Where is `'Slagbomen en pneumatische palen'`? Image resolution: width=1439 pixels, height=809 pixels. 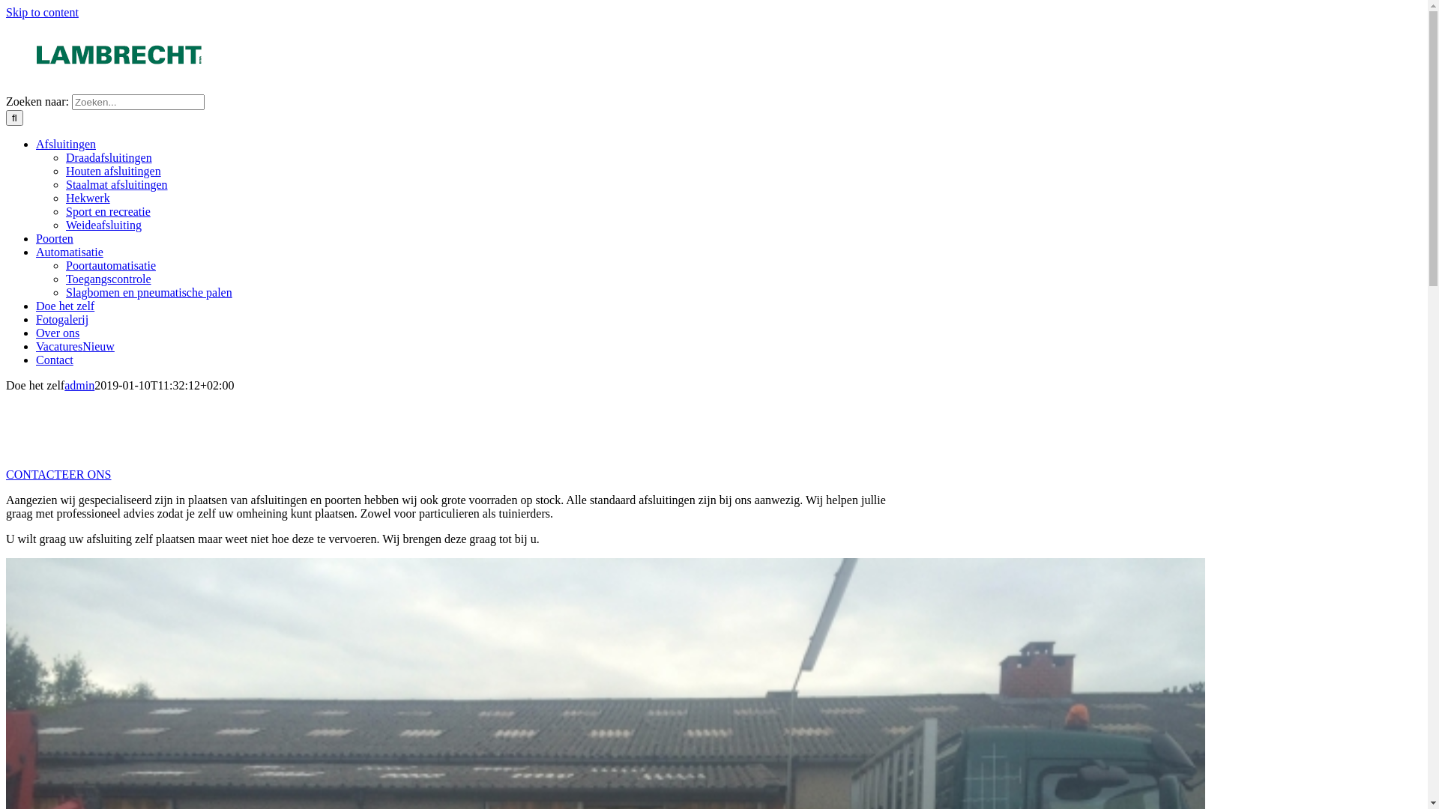
'Slagbomen en pneumatische palen' is located at coordinates (148, 292).